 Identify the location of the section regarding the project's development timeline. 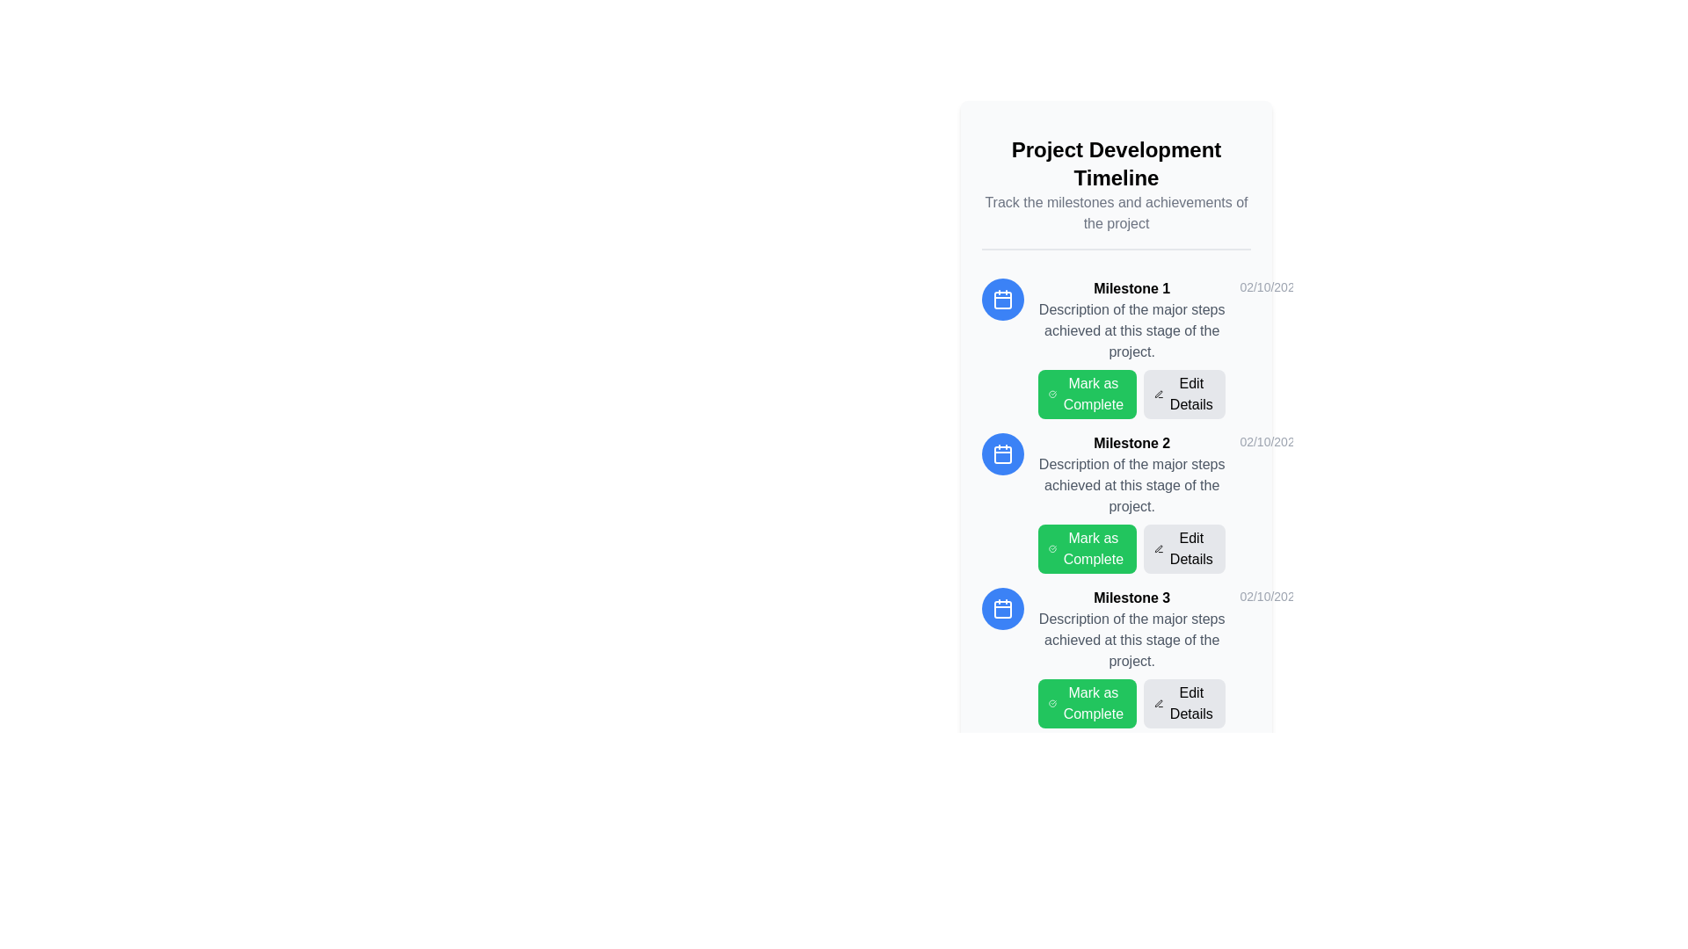
(1116, 163).